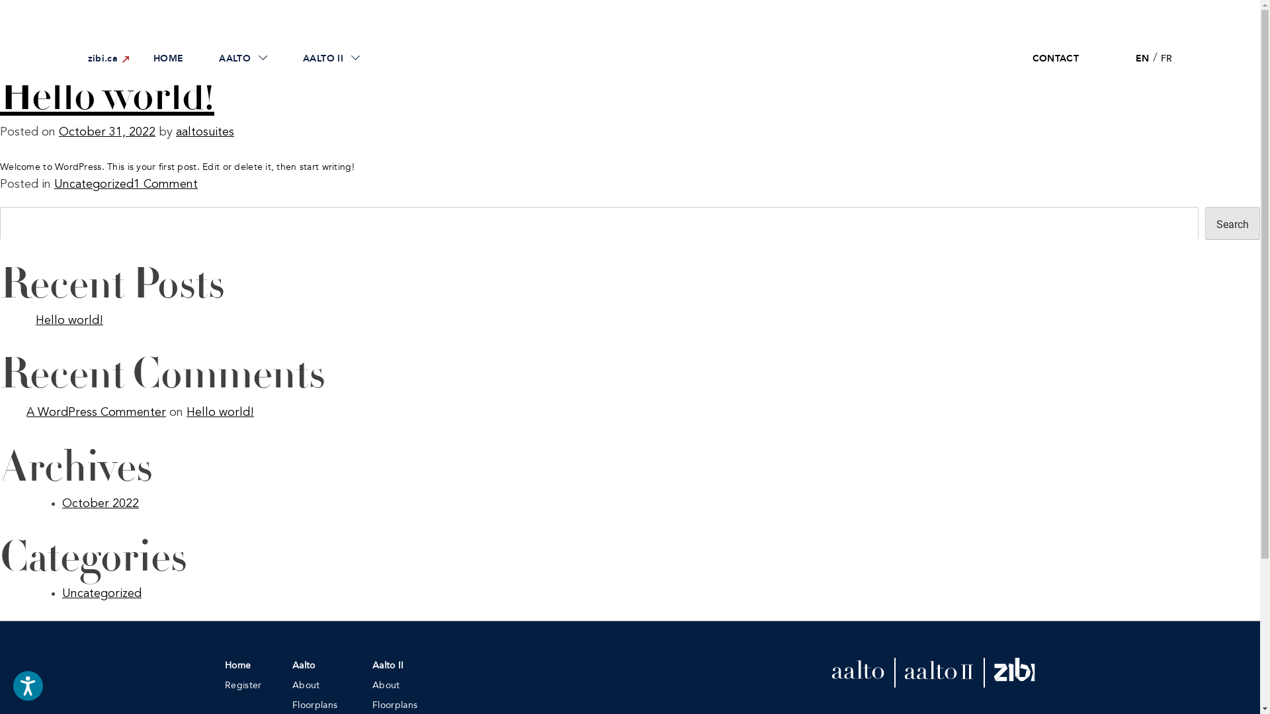 This screenshot has width=1270, height=714. Describe the element at coordinates (243, 58) in the screenshot. I see `'AALTO'` at that location.